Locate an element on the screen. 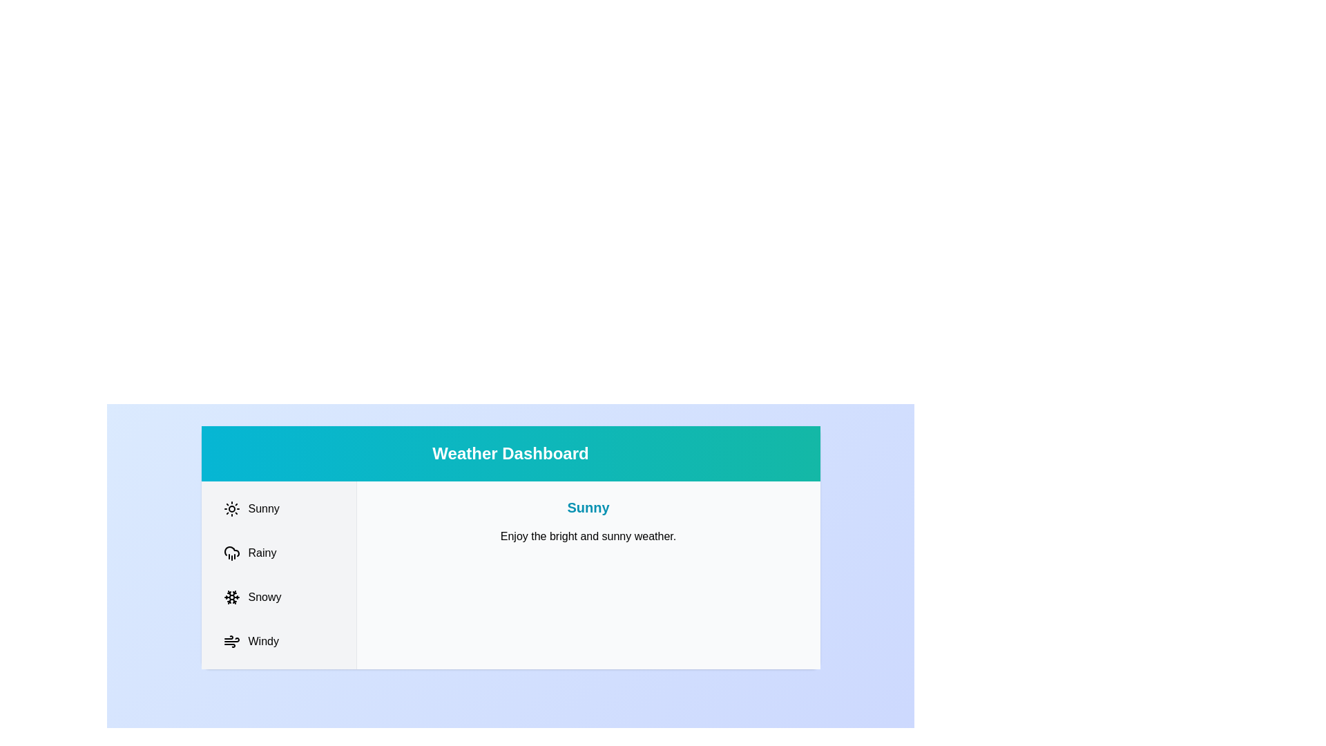  the Snowy tab to switch to it is located at coordinates (278, 596).